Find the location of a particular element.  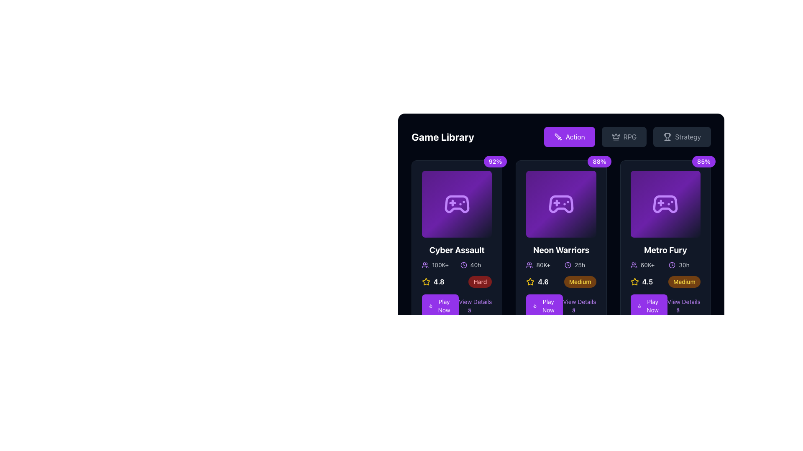

properties of the SVG Circle element that is part of a clock icon, characterized by its circular shape and outer ring is located at coordinates (672, 265).